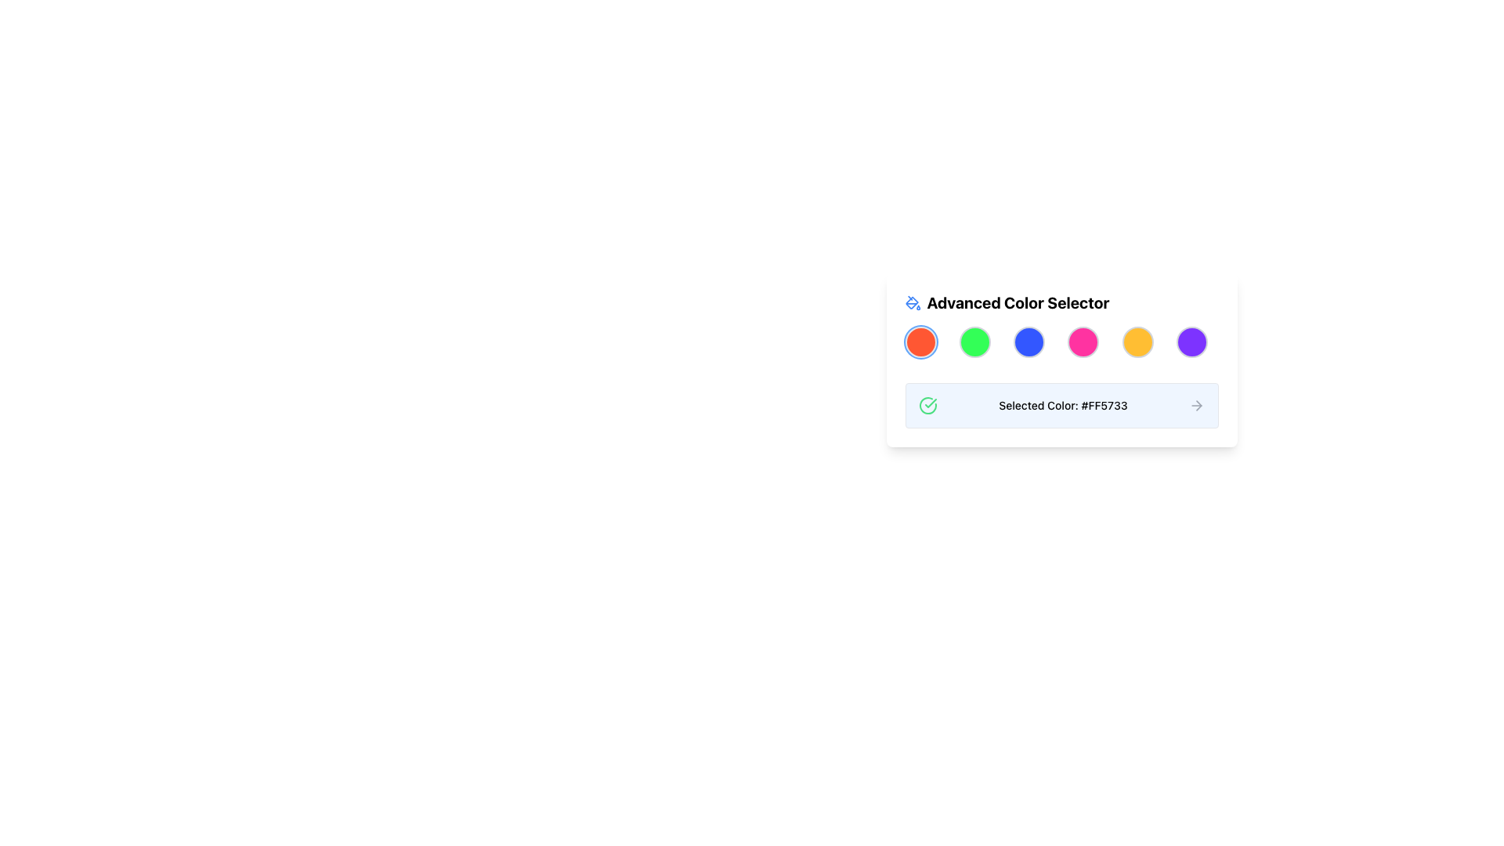 Image resolution: width=1504 pixels, height=846 pixels. What do you see at coordinates (1063, 404) in the screenshot?
I see `displayed color information from the text label located at the bottom of the notification card with a light blue background, positioned to the right of a green checkmark icon` at bounding box center [1063, 404].